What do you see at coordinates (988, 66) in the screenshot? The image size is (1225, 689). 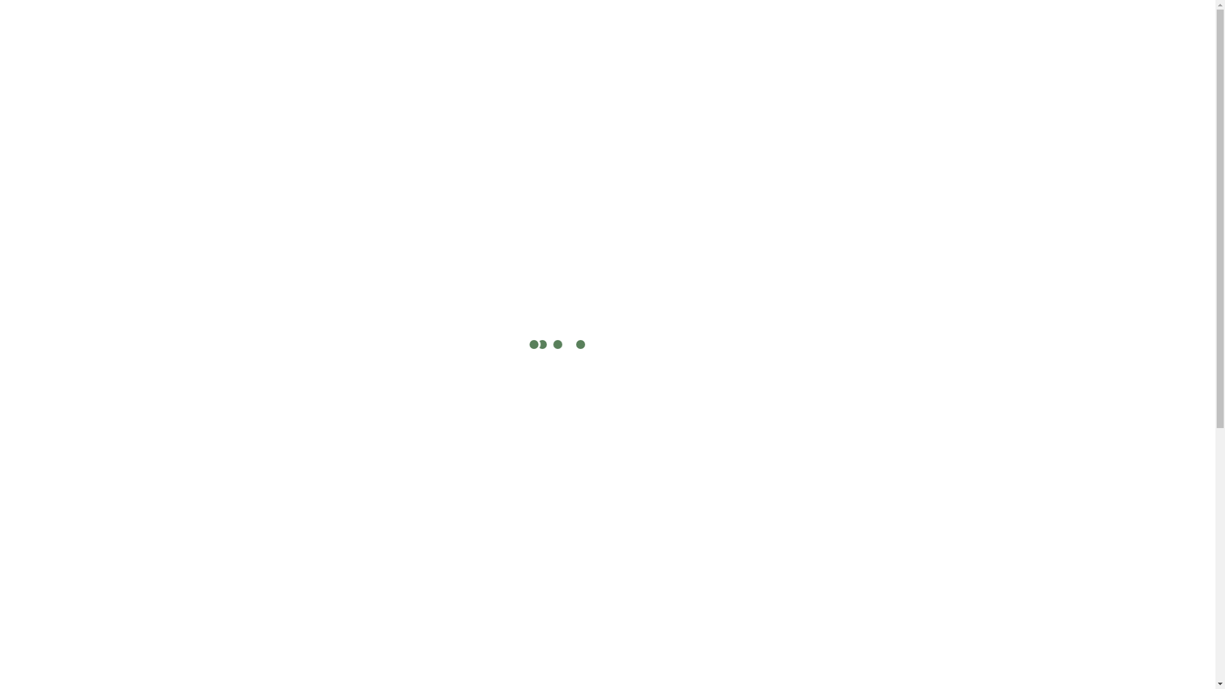 I see `'Custom Quote'` at bounding box center [988, 66].